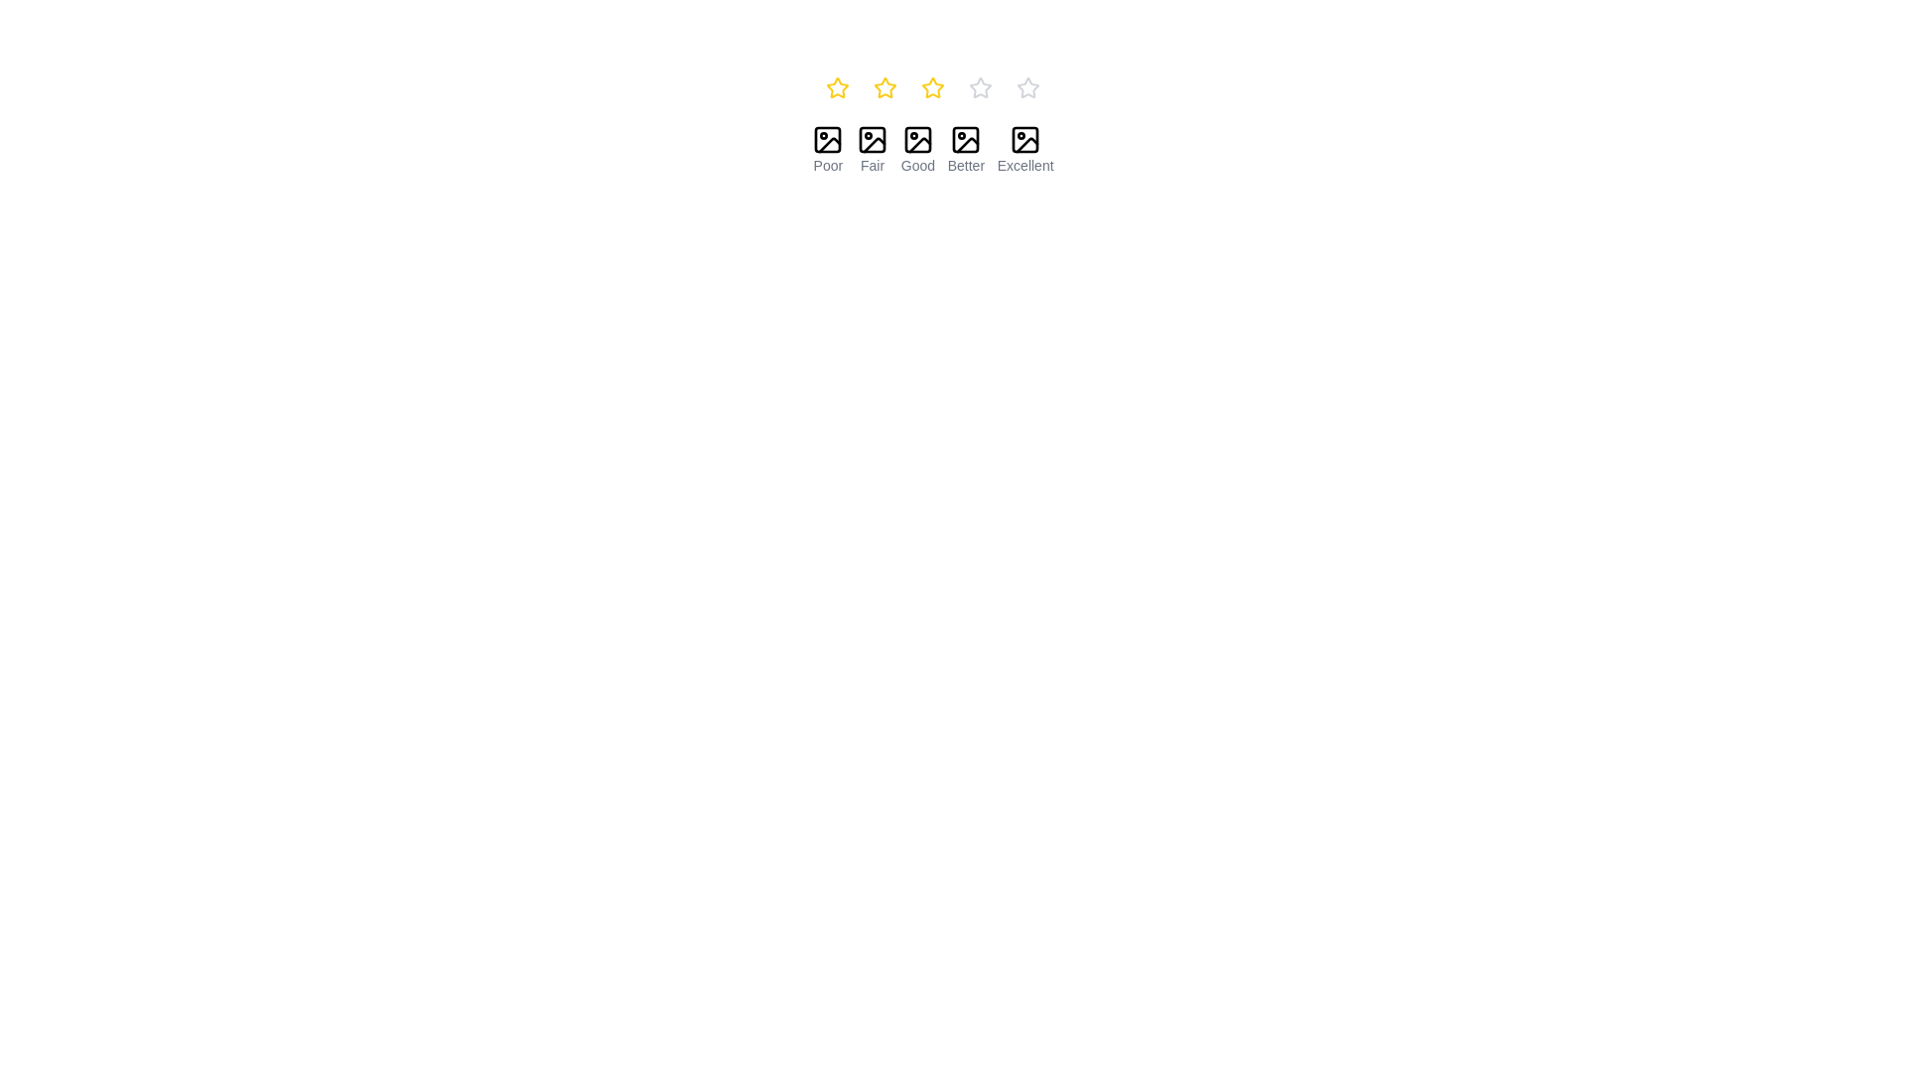 This screenshot has height=1072, width=1906. I want to click on the 'Fair' rating option component, which consists of an icon with a black outline and the label 'Fair' in small gray font, positioned between the 'Poor' and 'Good' elements, so click(872, 148).